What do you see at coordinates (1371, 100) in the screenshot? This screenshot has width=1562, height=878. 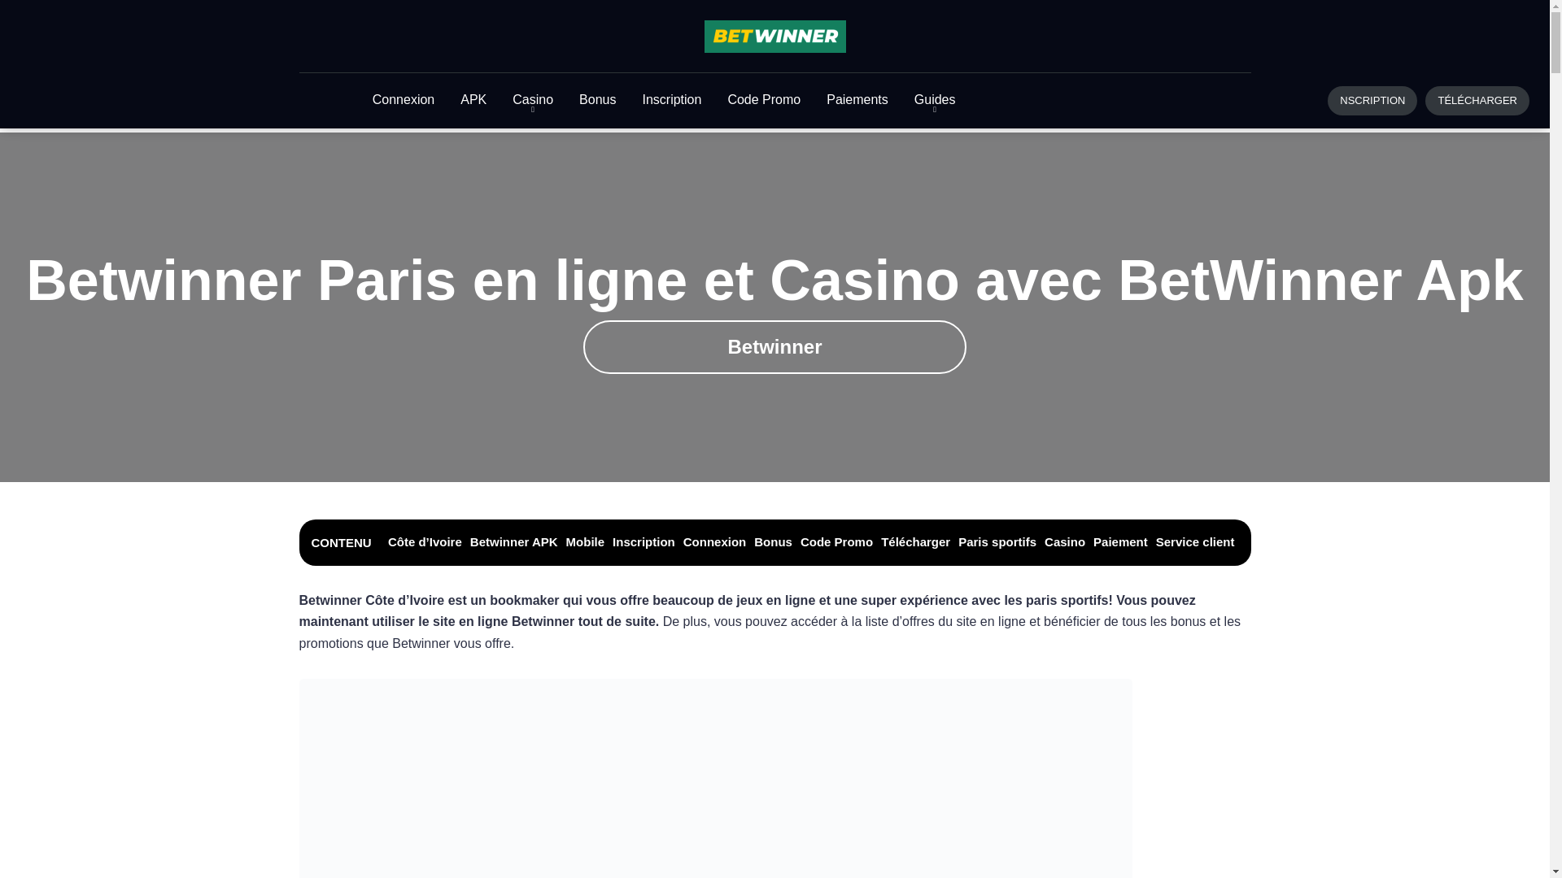 I see `'NSCRIPTION'` at bounding box center [1371, 100].